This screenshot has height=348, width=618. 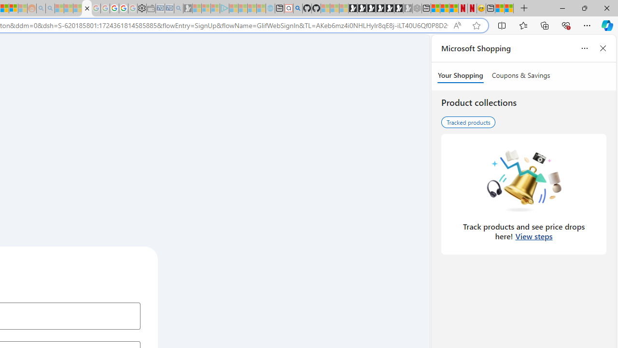 What do you see at coordinates (178, 8) in the screenshot?
I see `'Bing Real Estate - Home sales and rental listings - Sleeping'` at bounding box center [178, 8].